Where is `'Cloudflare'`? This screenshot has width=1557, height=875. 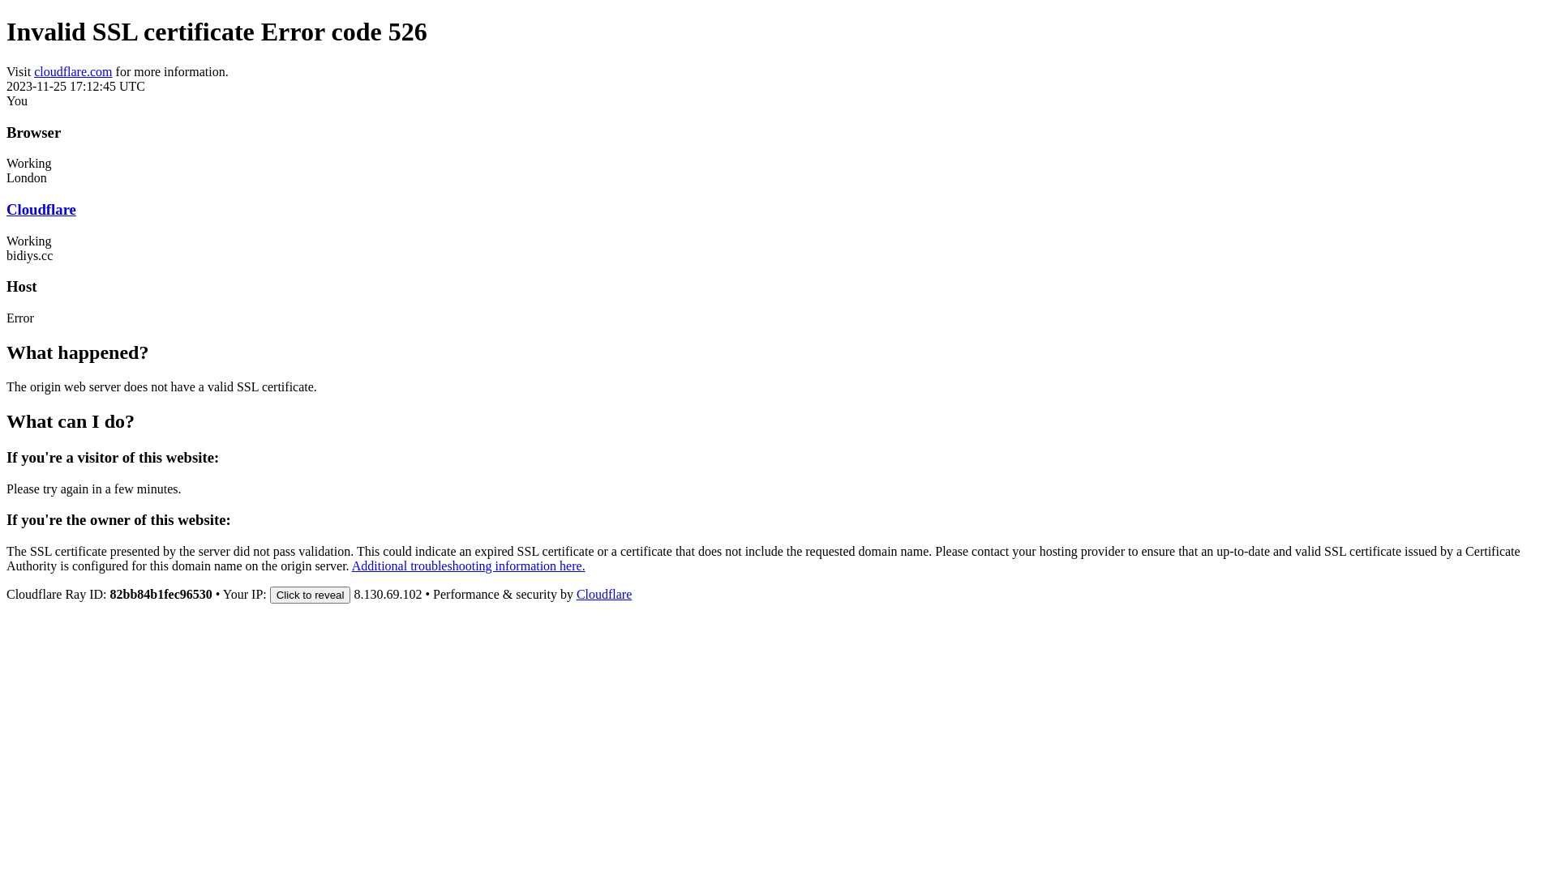 'Cloudflare' is located at coordinates (41, 208).